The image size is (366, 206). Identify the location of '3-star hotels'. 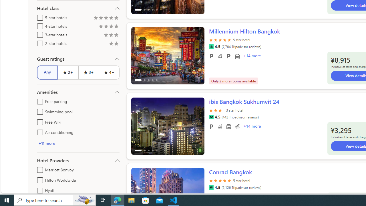
(39, 34).